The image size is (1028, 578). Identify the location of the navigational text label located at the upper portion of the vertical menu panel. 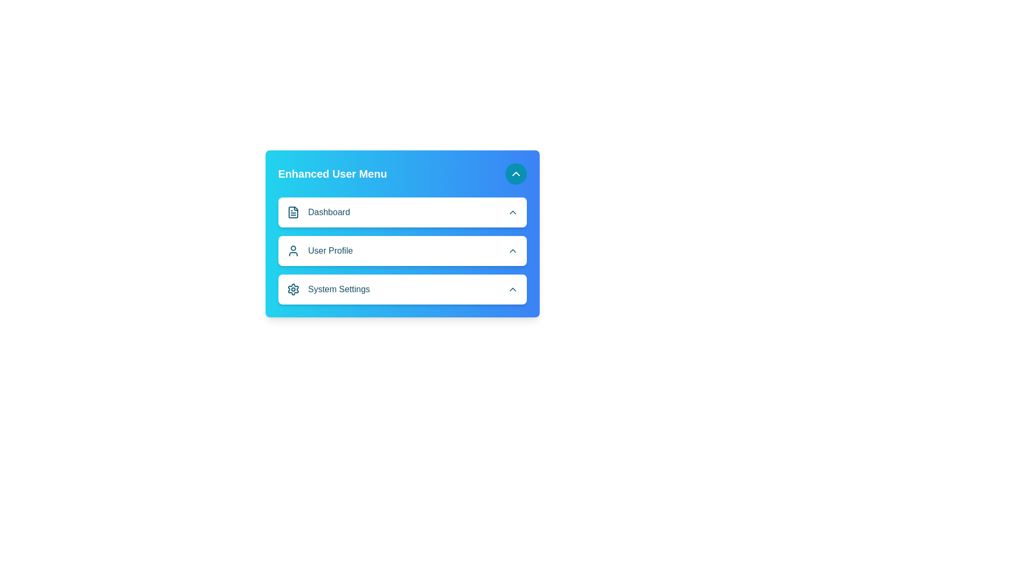
(328, 212).